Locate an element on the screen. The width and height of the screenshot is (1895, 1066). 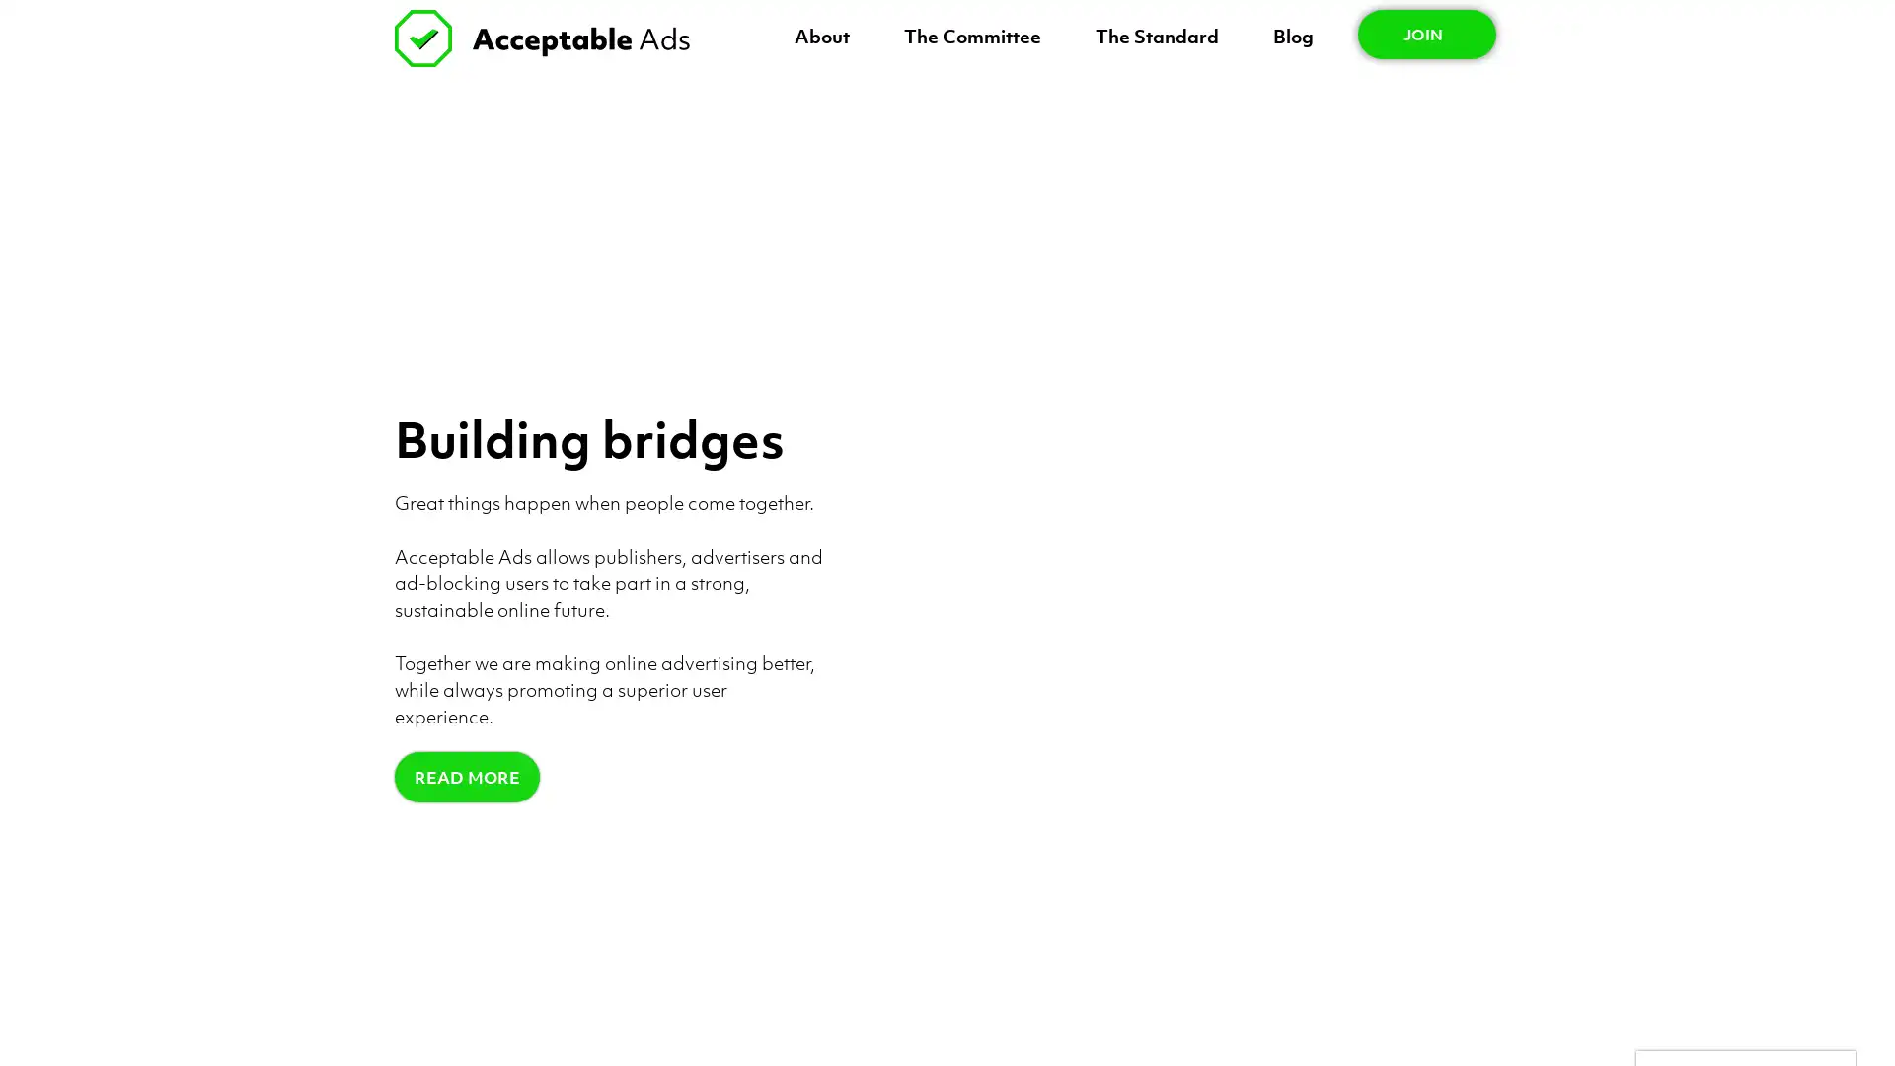
JOIN is located at coordinates (1425, 34).